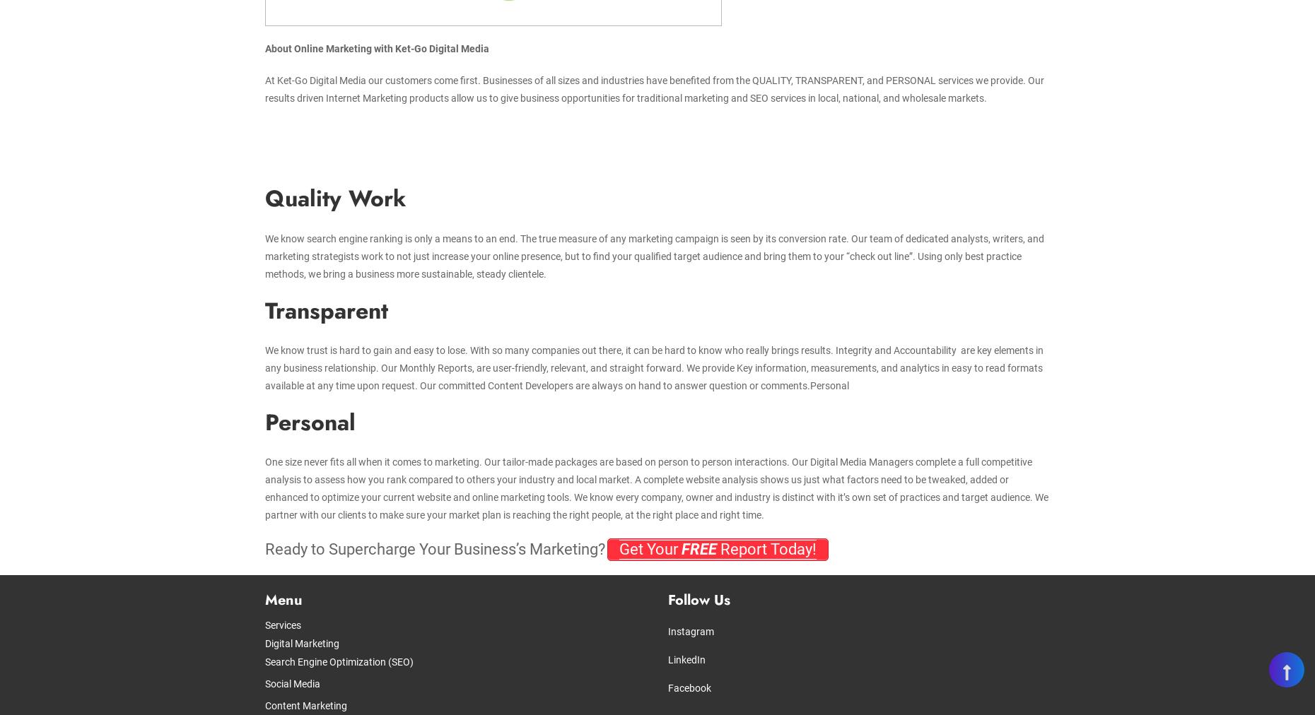  I want to click on 'Social Media', so click(264, 683).